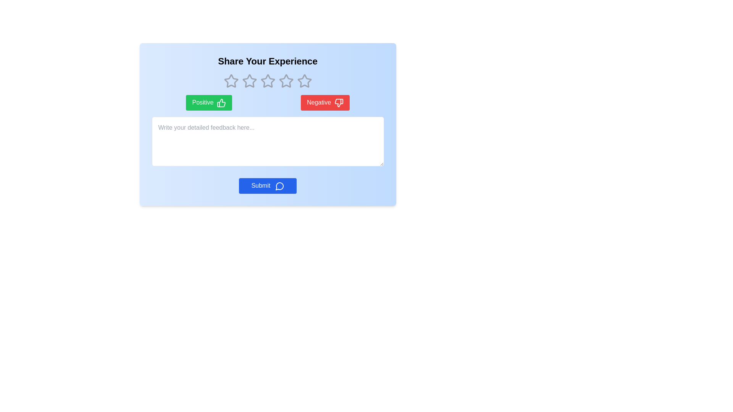  What do you see at coordinates (221, 102) in the screenshot?
I see `the thumbs-up icon located inside the green rounded button labeled 'Positive'` at bounding box center [221, 102].